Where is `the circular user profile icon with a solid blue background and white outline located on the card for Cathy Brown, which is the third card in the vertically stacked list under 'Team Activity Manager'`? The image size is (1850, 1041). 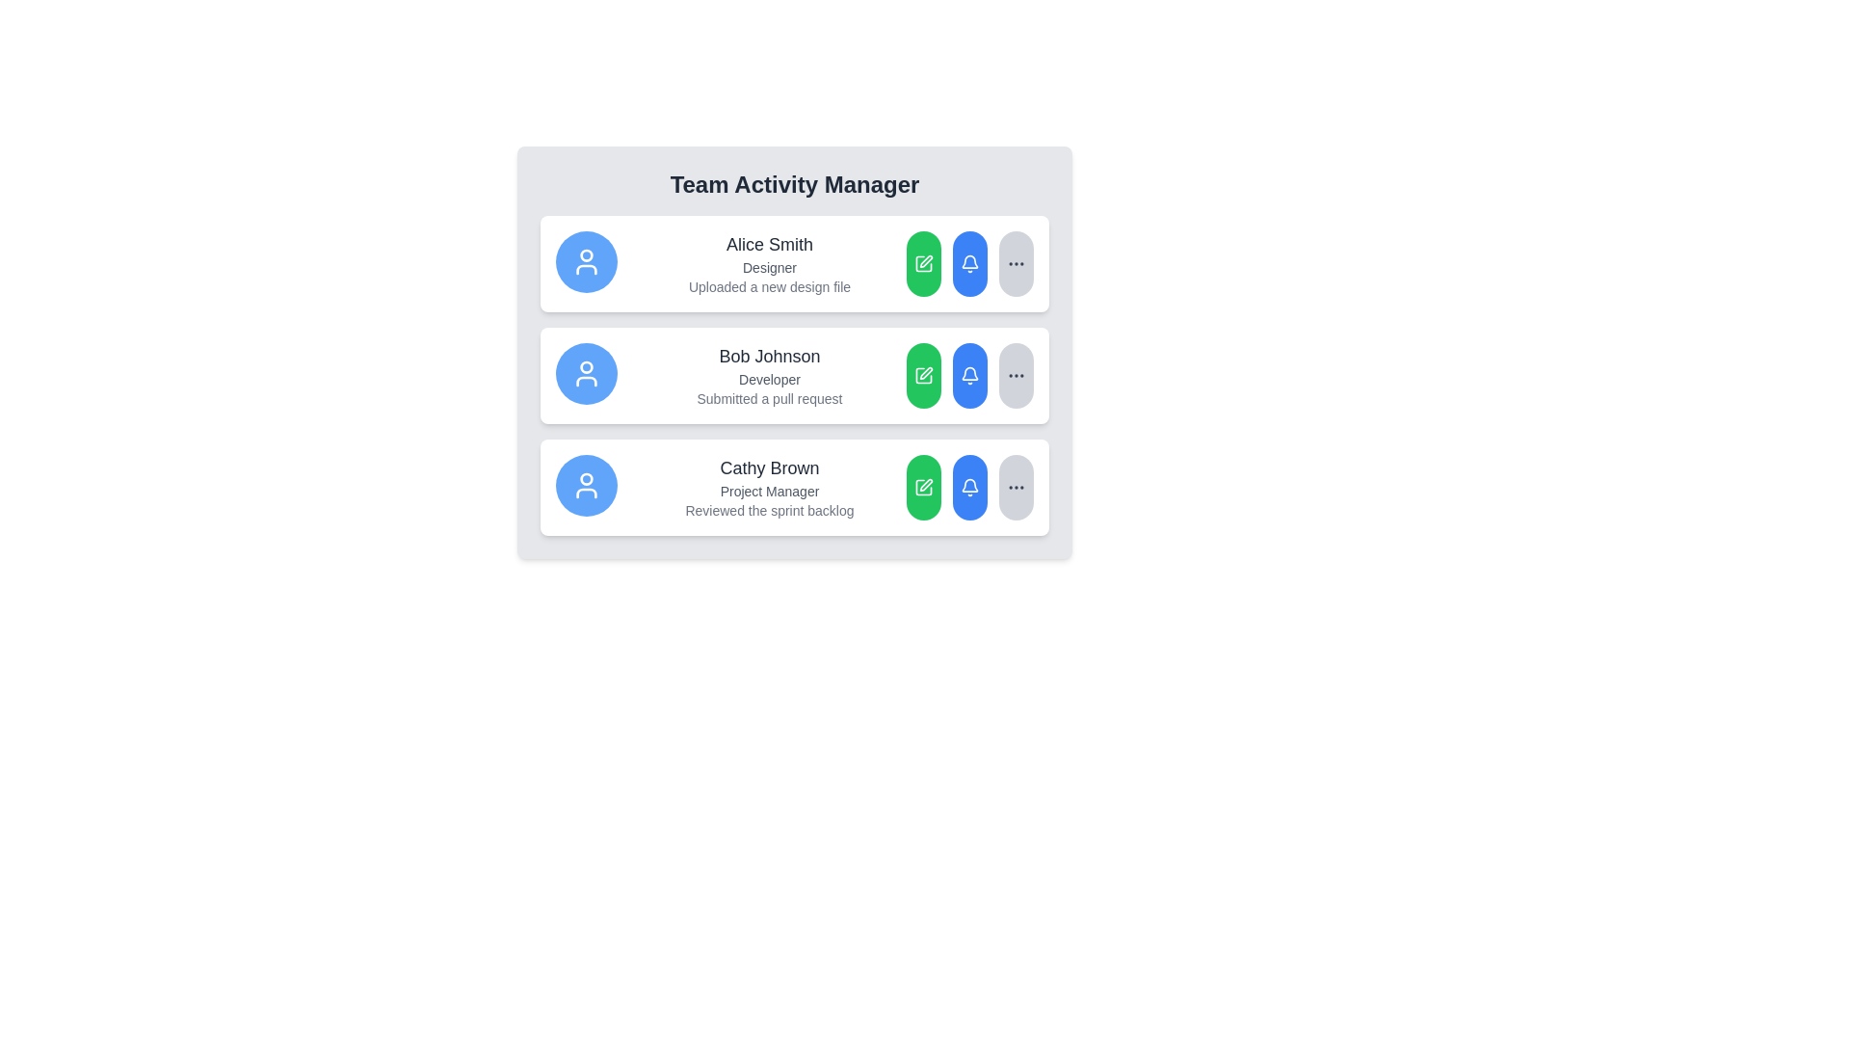
the circular user profile icon with a solid blue background and white outline located on the card for Cathy Brown, which is the third card in the vertically stacked list under 'Team Activity Manager' is located at coordinates (586, 485).